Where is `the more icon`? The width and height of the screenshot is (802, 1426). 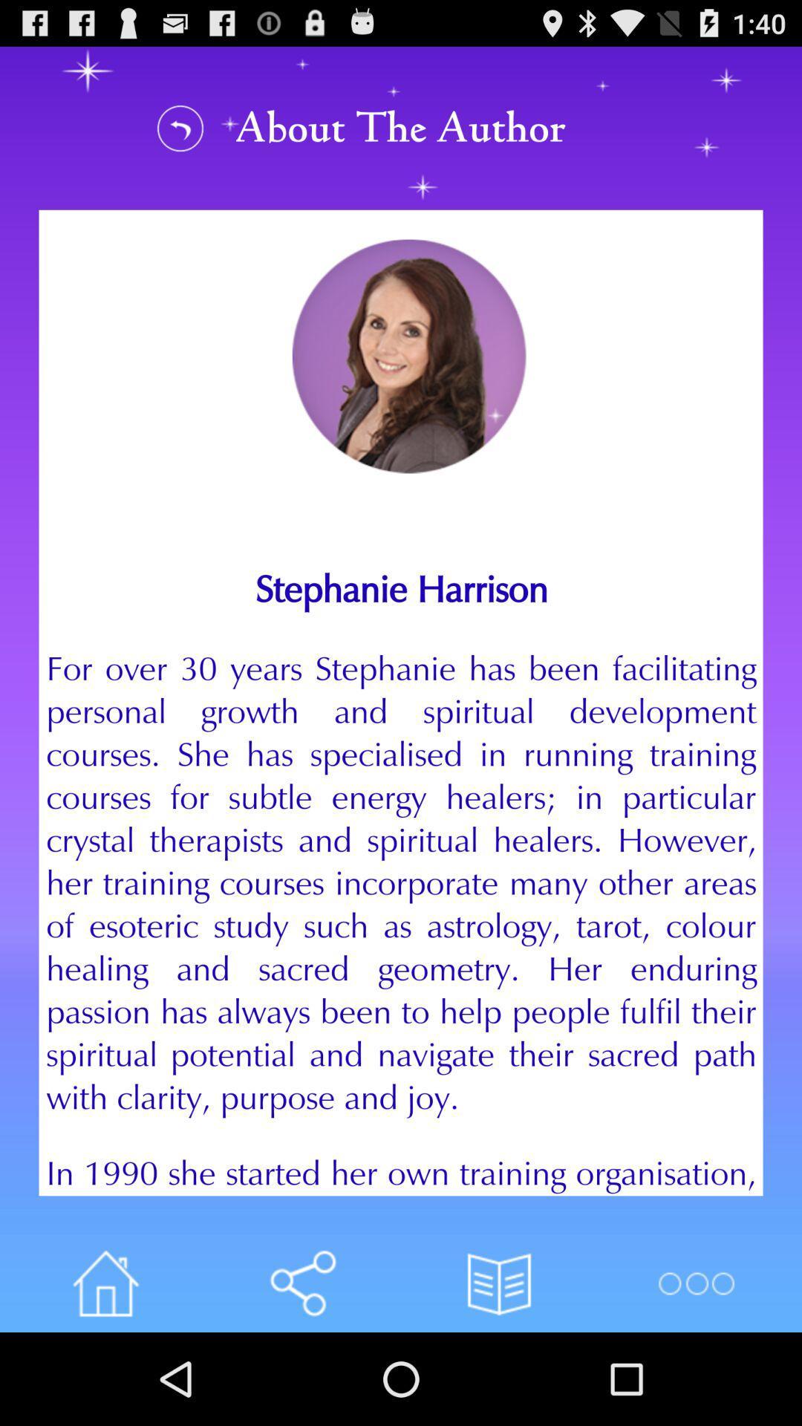
the more icon is located at coordinates (696, 1373).